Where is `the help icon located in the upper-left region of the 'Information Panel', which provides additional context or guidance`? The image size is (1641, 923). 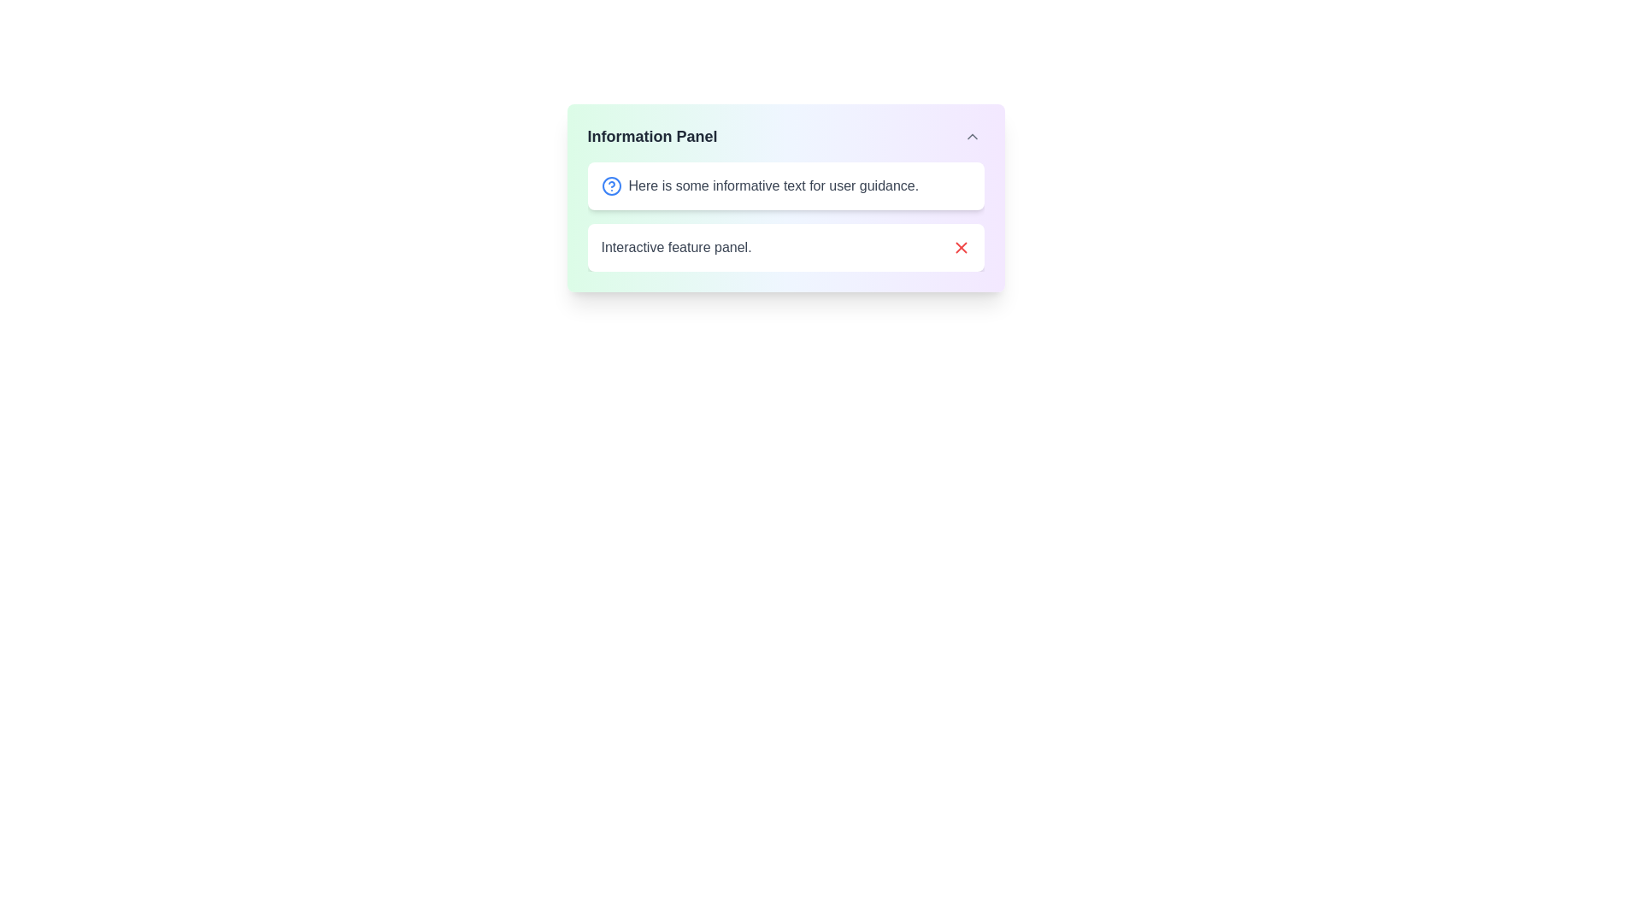
the help icon located in the upper-left region of the 'Information Panel', which provides additional context or guidance is located at coordinates (611, 186).